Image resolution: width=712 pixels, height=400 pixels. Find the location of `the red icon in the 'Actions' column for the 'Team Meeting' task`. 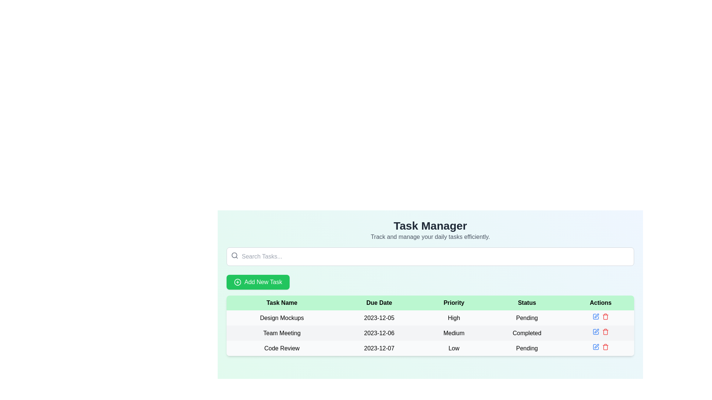

the red icon in the 'Actions' column for the 'Team Meeting' task is located at coordinates (600, 333).